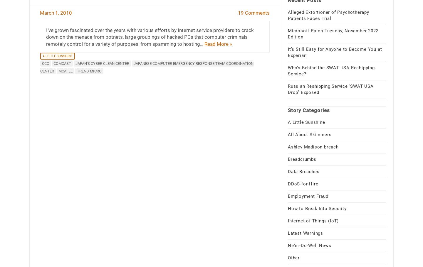 The height and width of the screenshot is (267, 423). Describe the element at coordinates (56, 13) in the screenshot. I see `'March 1, 2010'` at that location.